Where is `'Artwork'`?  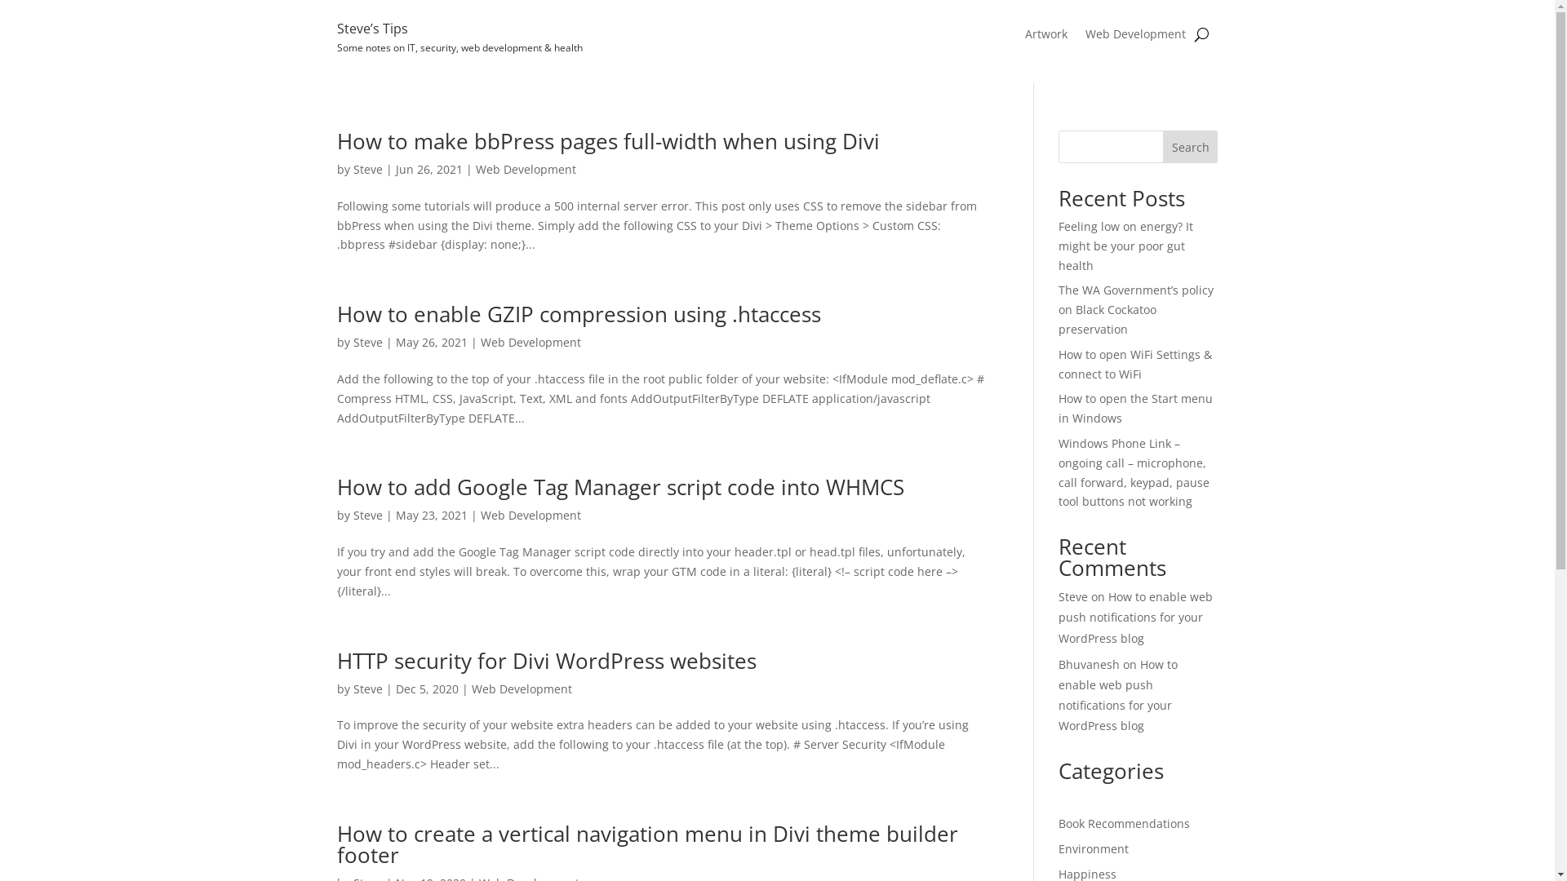
'Artwork' is located at coordinates (1045, 37).